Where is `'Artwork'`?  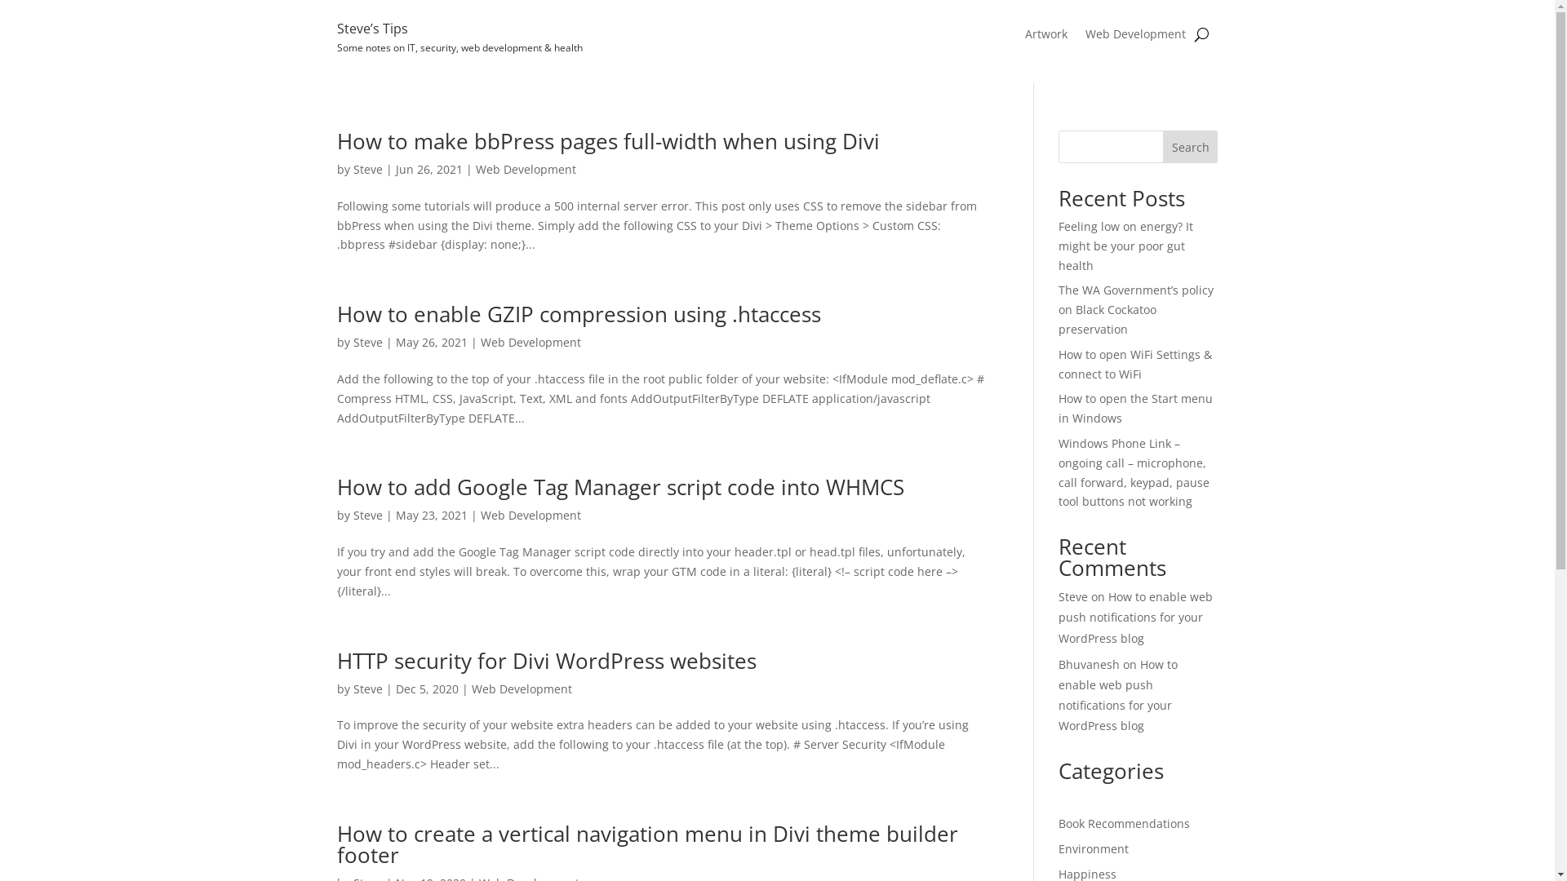
'Artwork' is located at coordinates (1045, 37).